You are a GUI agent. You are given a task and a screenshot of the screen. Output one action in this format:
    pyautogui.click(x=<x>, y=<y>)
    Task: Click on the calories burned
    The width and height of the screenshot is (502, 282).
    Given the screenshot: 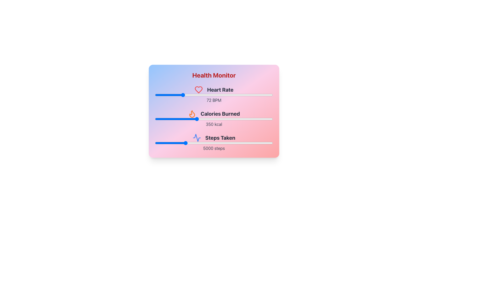 What is the action you would take?
    pyautogui.click(x=258, y=119)
    